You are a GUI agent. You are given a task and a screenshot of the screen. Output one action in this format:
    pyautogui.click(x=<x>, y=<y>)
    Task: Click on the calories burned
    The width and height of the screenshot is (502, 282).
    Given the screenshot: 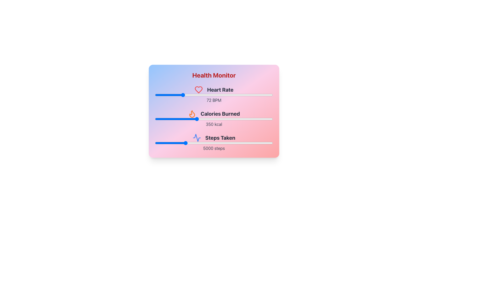 What is the action you would take?
    pyautogui.click(x=258, y=119)
    